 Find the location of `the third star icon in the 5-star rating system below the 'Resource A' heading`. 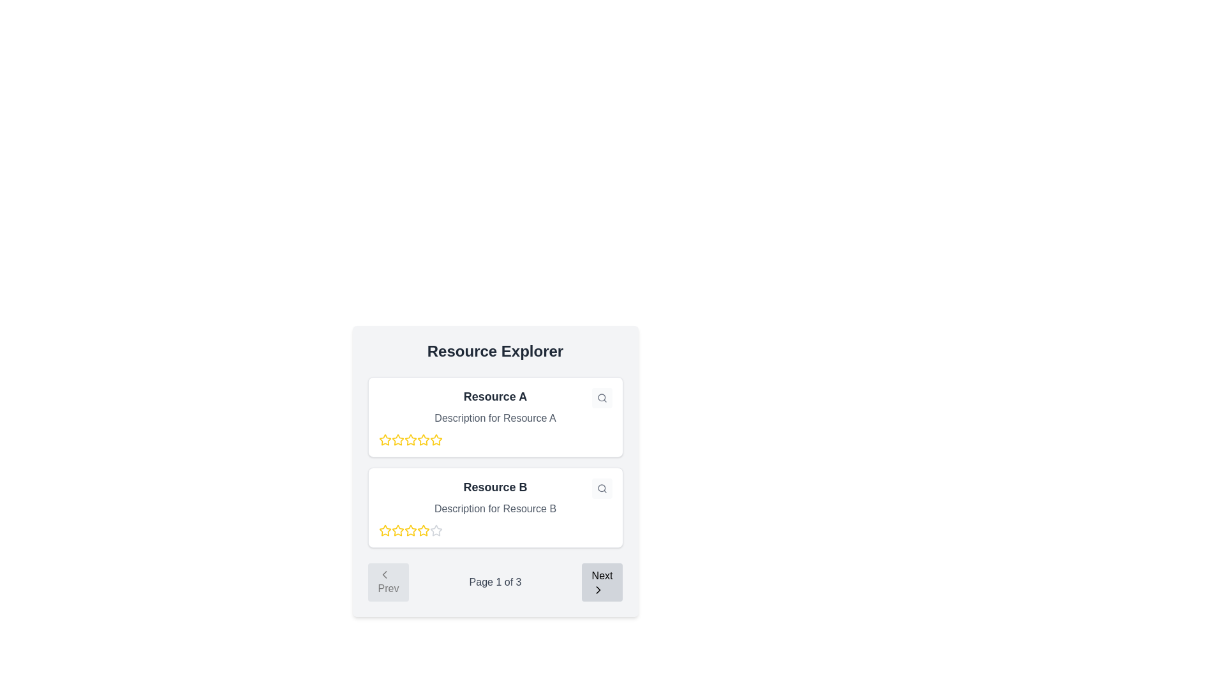

the third star icon in the 5-star rating system below the 'Resource A' heading is located at coordinates (423, 439).